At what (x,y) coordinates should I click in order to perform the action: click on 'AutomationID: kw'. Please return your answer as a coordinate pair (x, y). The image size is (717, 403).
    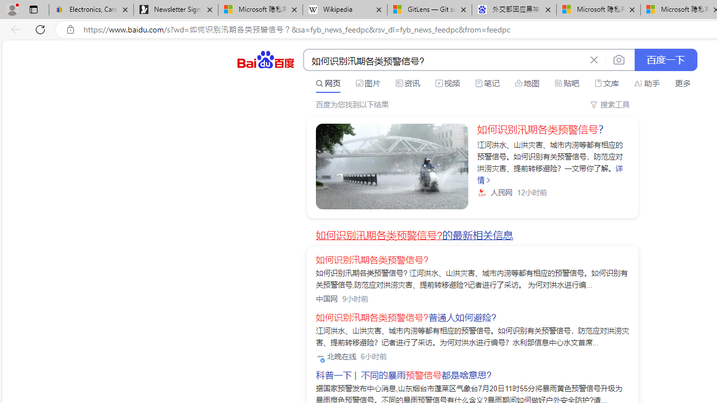
    Looking at the image, I should click on (444, 60).